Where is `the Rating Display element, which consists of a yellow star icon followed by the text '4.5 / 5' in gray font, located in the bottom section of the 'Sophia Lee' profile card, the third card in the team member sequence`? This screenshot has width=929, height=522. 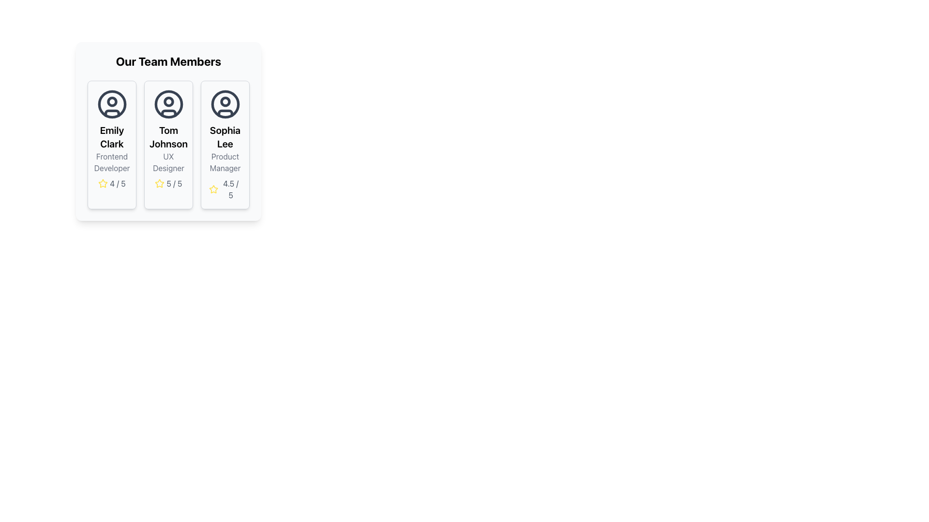
the Rating Display element, which consists of a yellow star icon followed by the text '4.5 / 5' in gray font, located in the bottom section of the 'Sophia Lee' profile card, the third card in the team member sequence is located at coordinates (225, 189).